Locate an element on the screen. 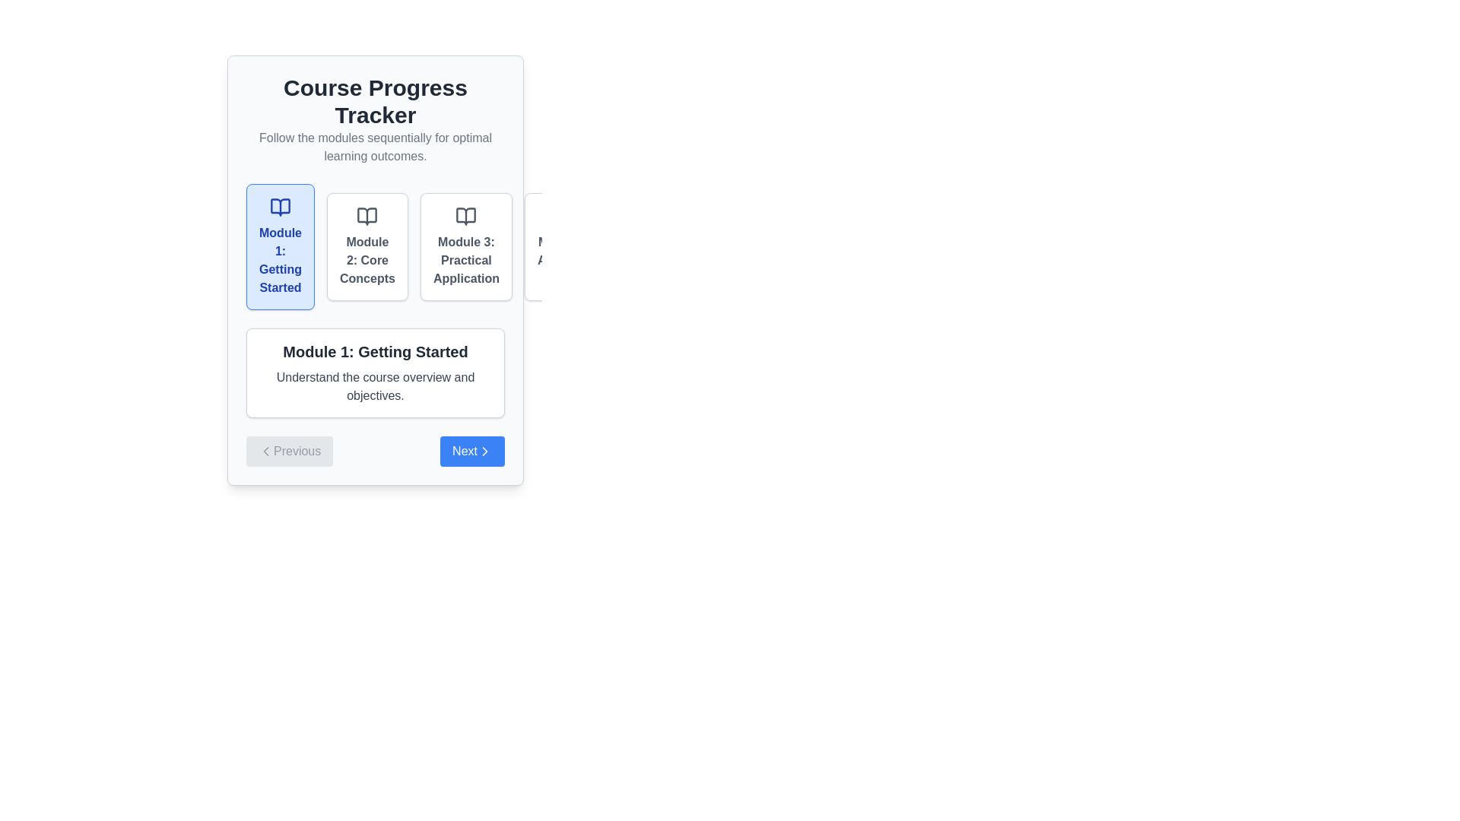 This screenshot has height=821, width=1460. the text block that reads 'Understand the course overview and objectives.' which is located below 'Module 1: Getting Started' is located at coordinates (376, 386).